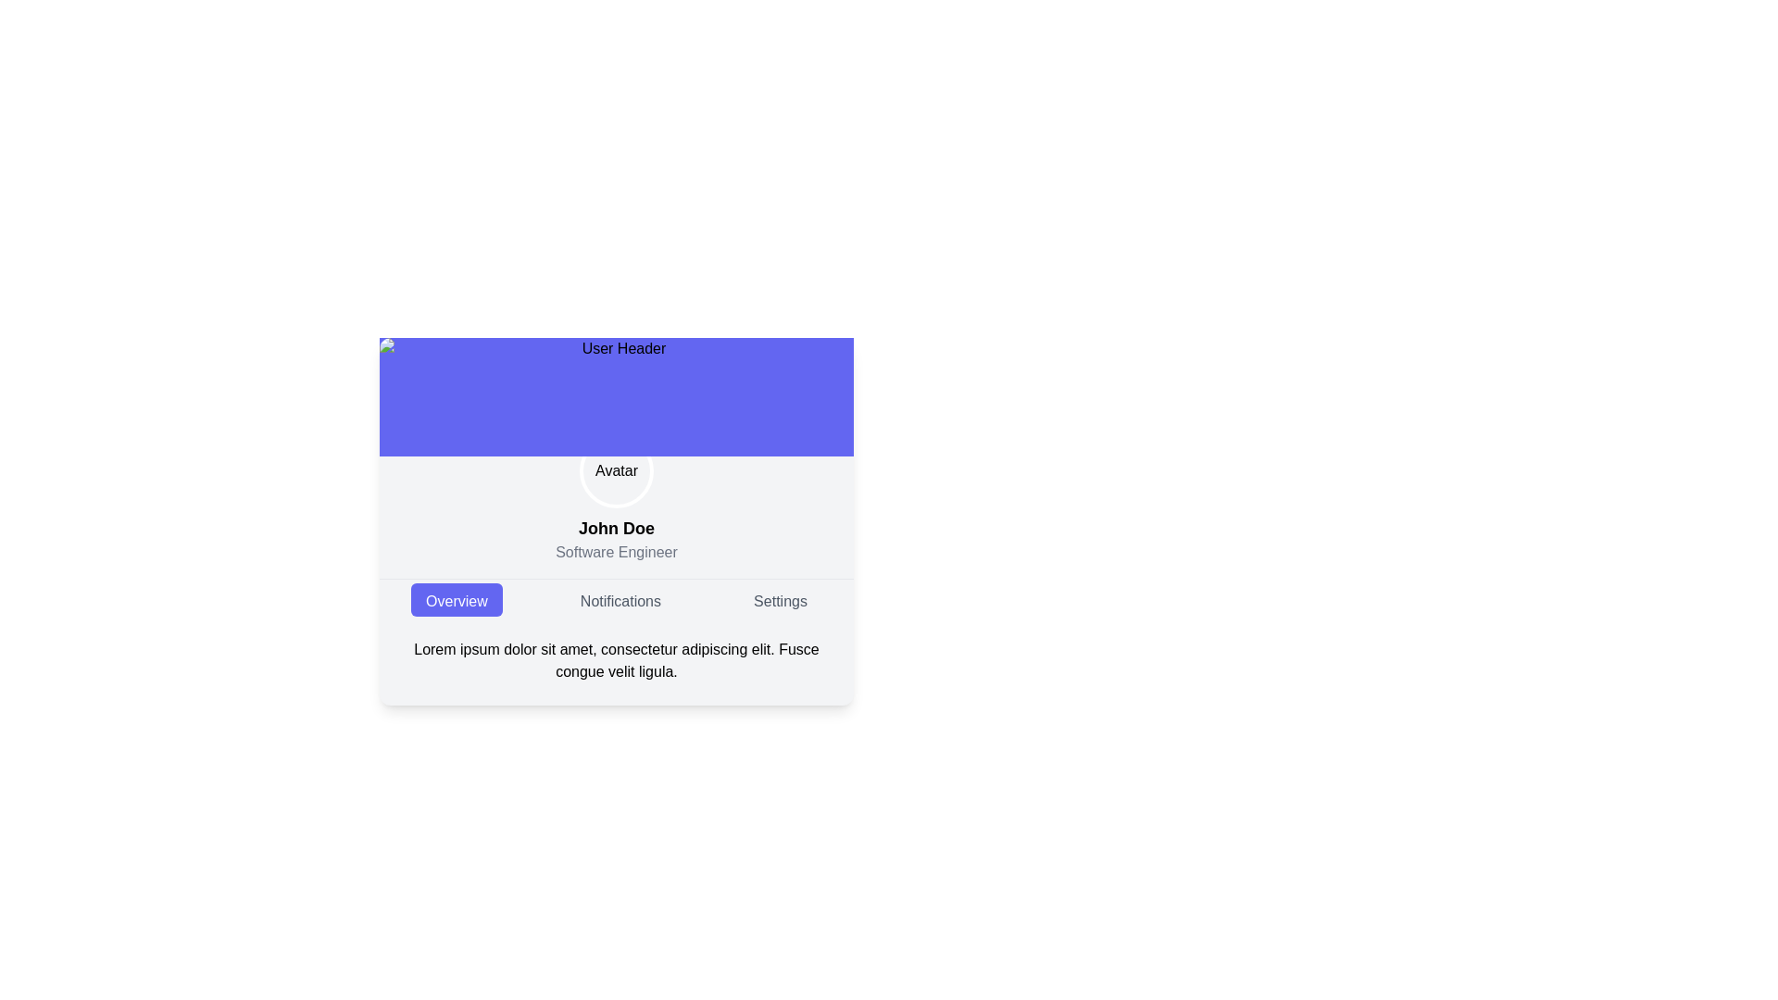 This screenshot has height=1000, width=1778. I want to click on the static text label displaying the user's name, which is centrally aligned in the user profile section, positioned below the header and following the avatar image, so click(617, 528).